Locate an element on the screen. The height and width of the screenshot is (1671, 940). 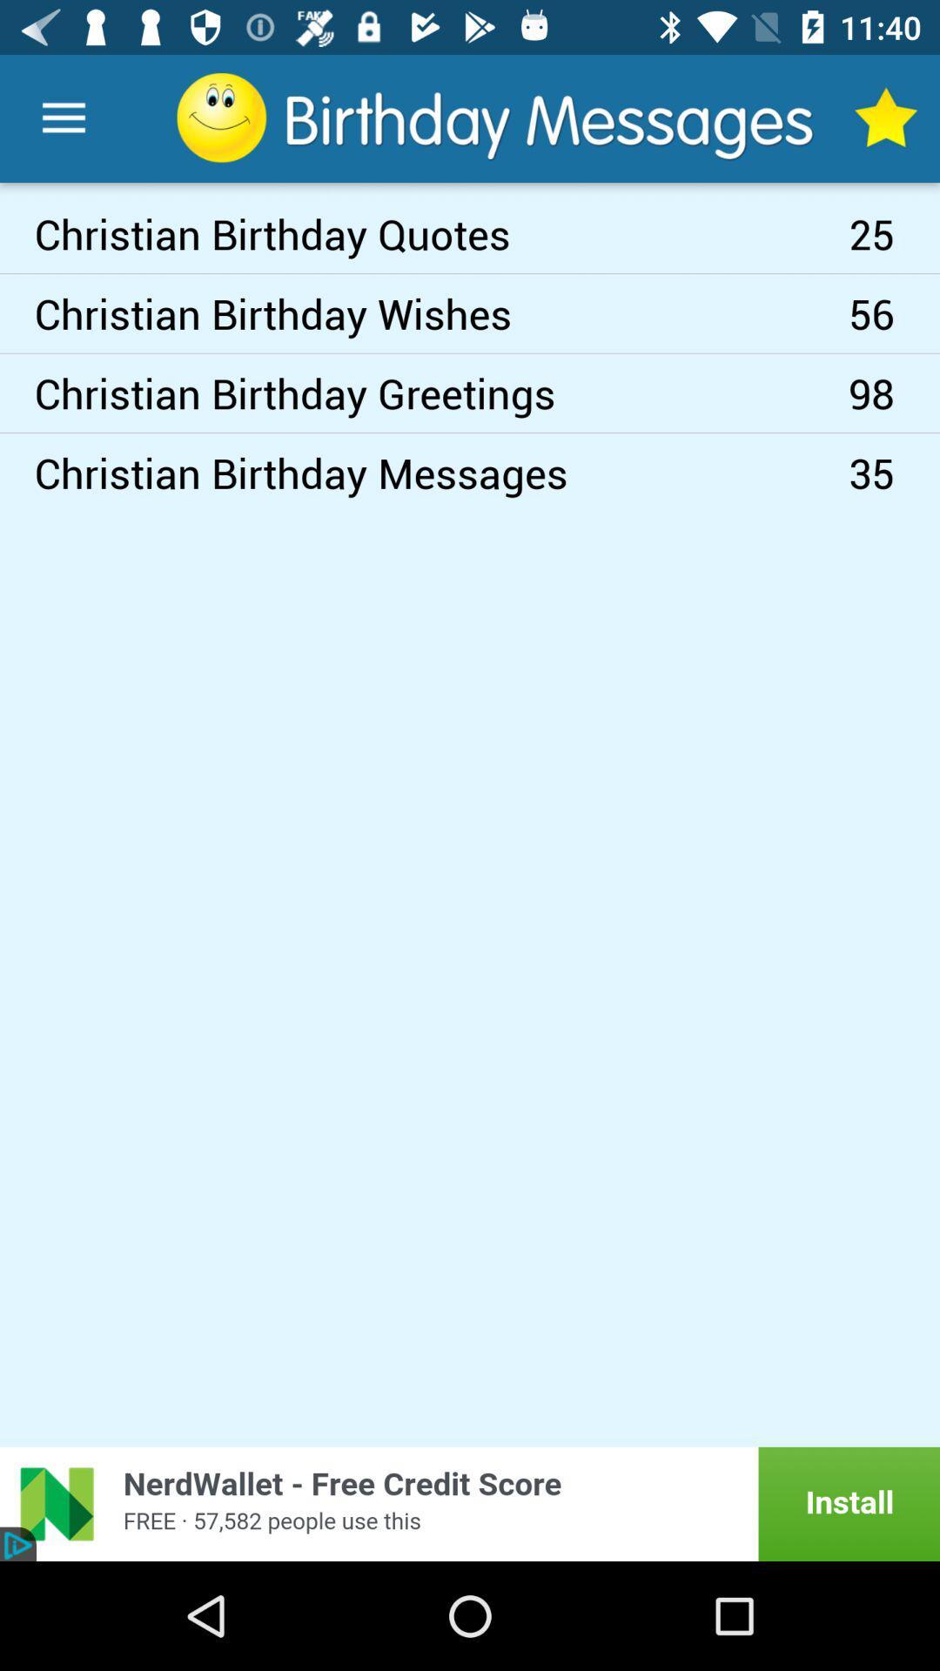
the icon next to christian birthday messages is located at coordinates (894, 473).